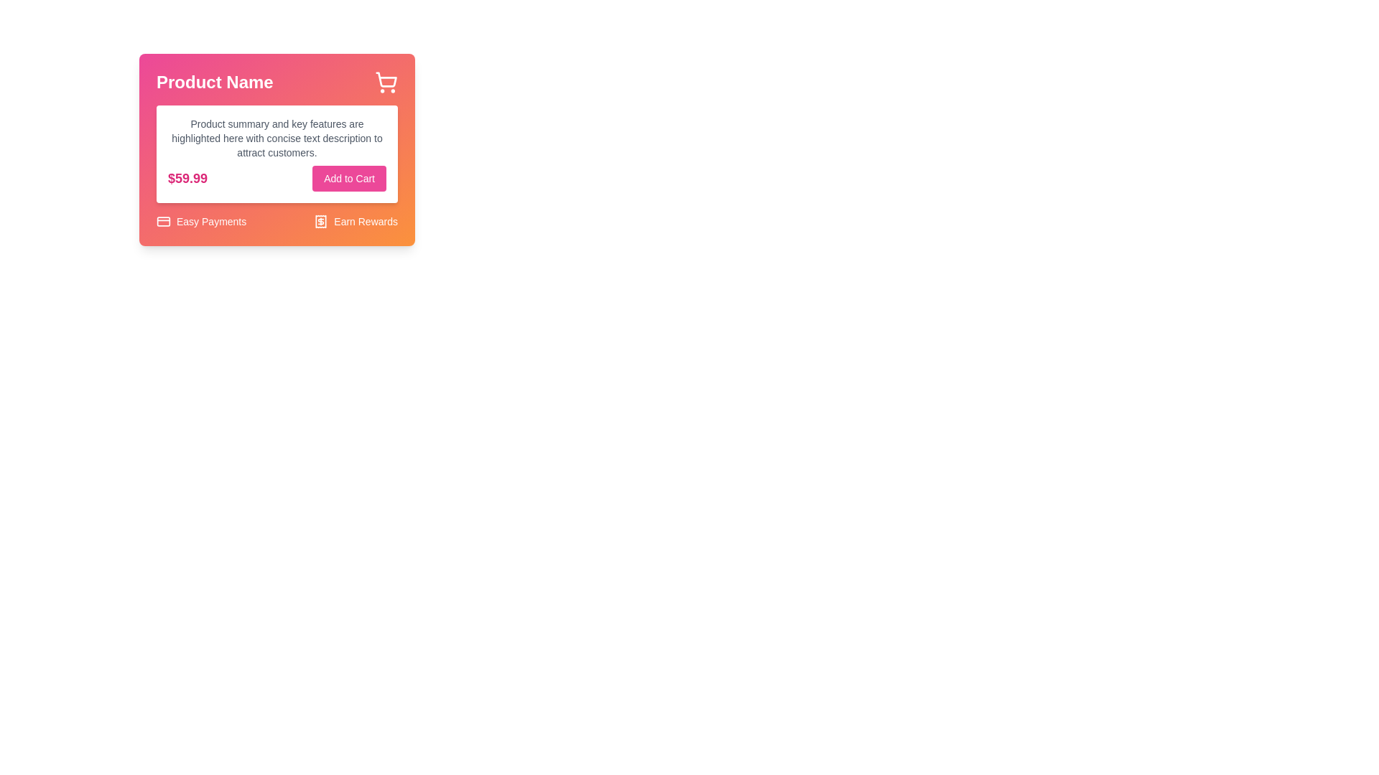 The height and width of the screenshot is (775, 1379). I want to click on the shopping cart icon located at the top-right corner of the gradient-colored card titled 'Product Name', so click(386, 83).